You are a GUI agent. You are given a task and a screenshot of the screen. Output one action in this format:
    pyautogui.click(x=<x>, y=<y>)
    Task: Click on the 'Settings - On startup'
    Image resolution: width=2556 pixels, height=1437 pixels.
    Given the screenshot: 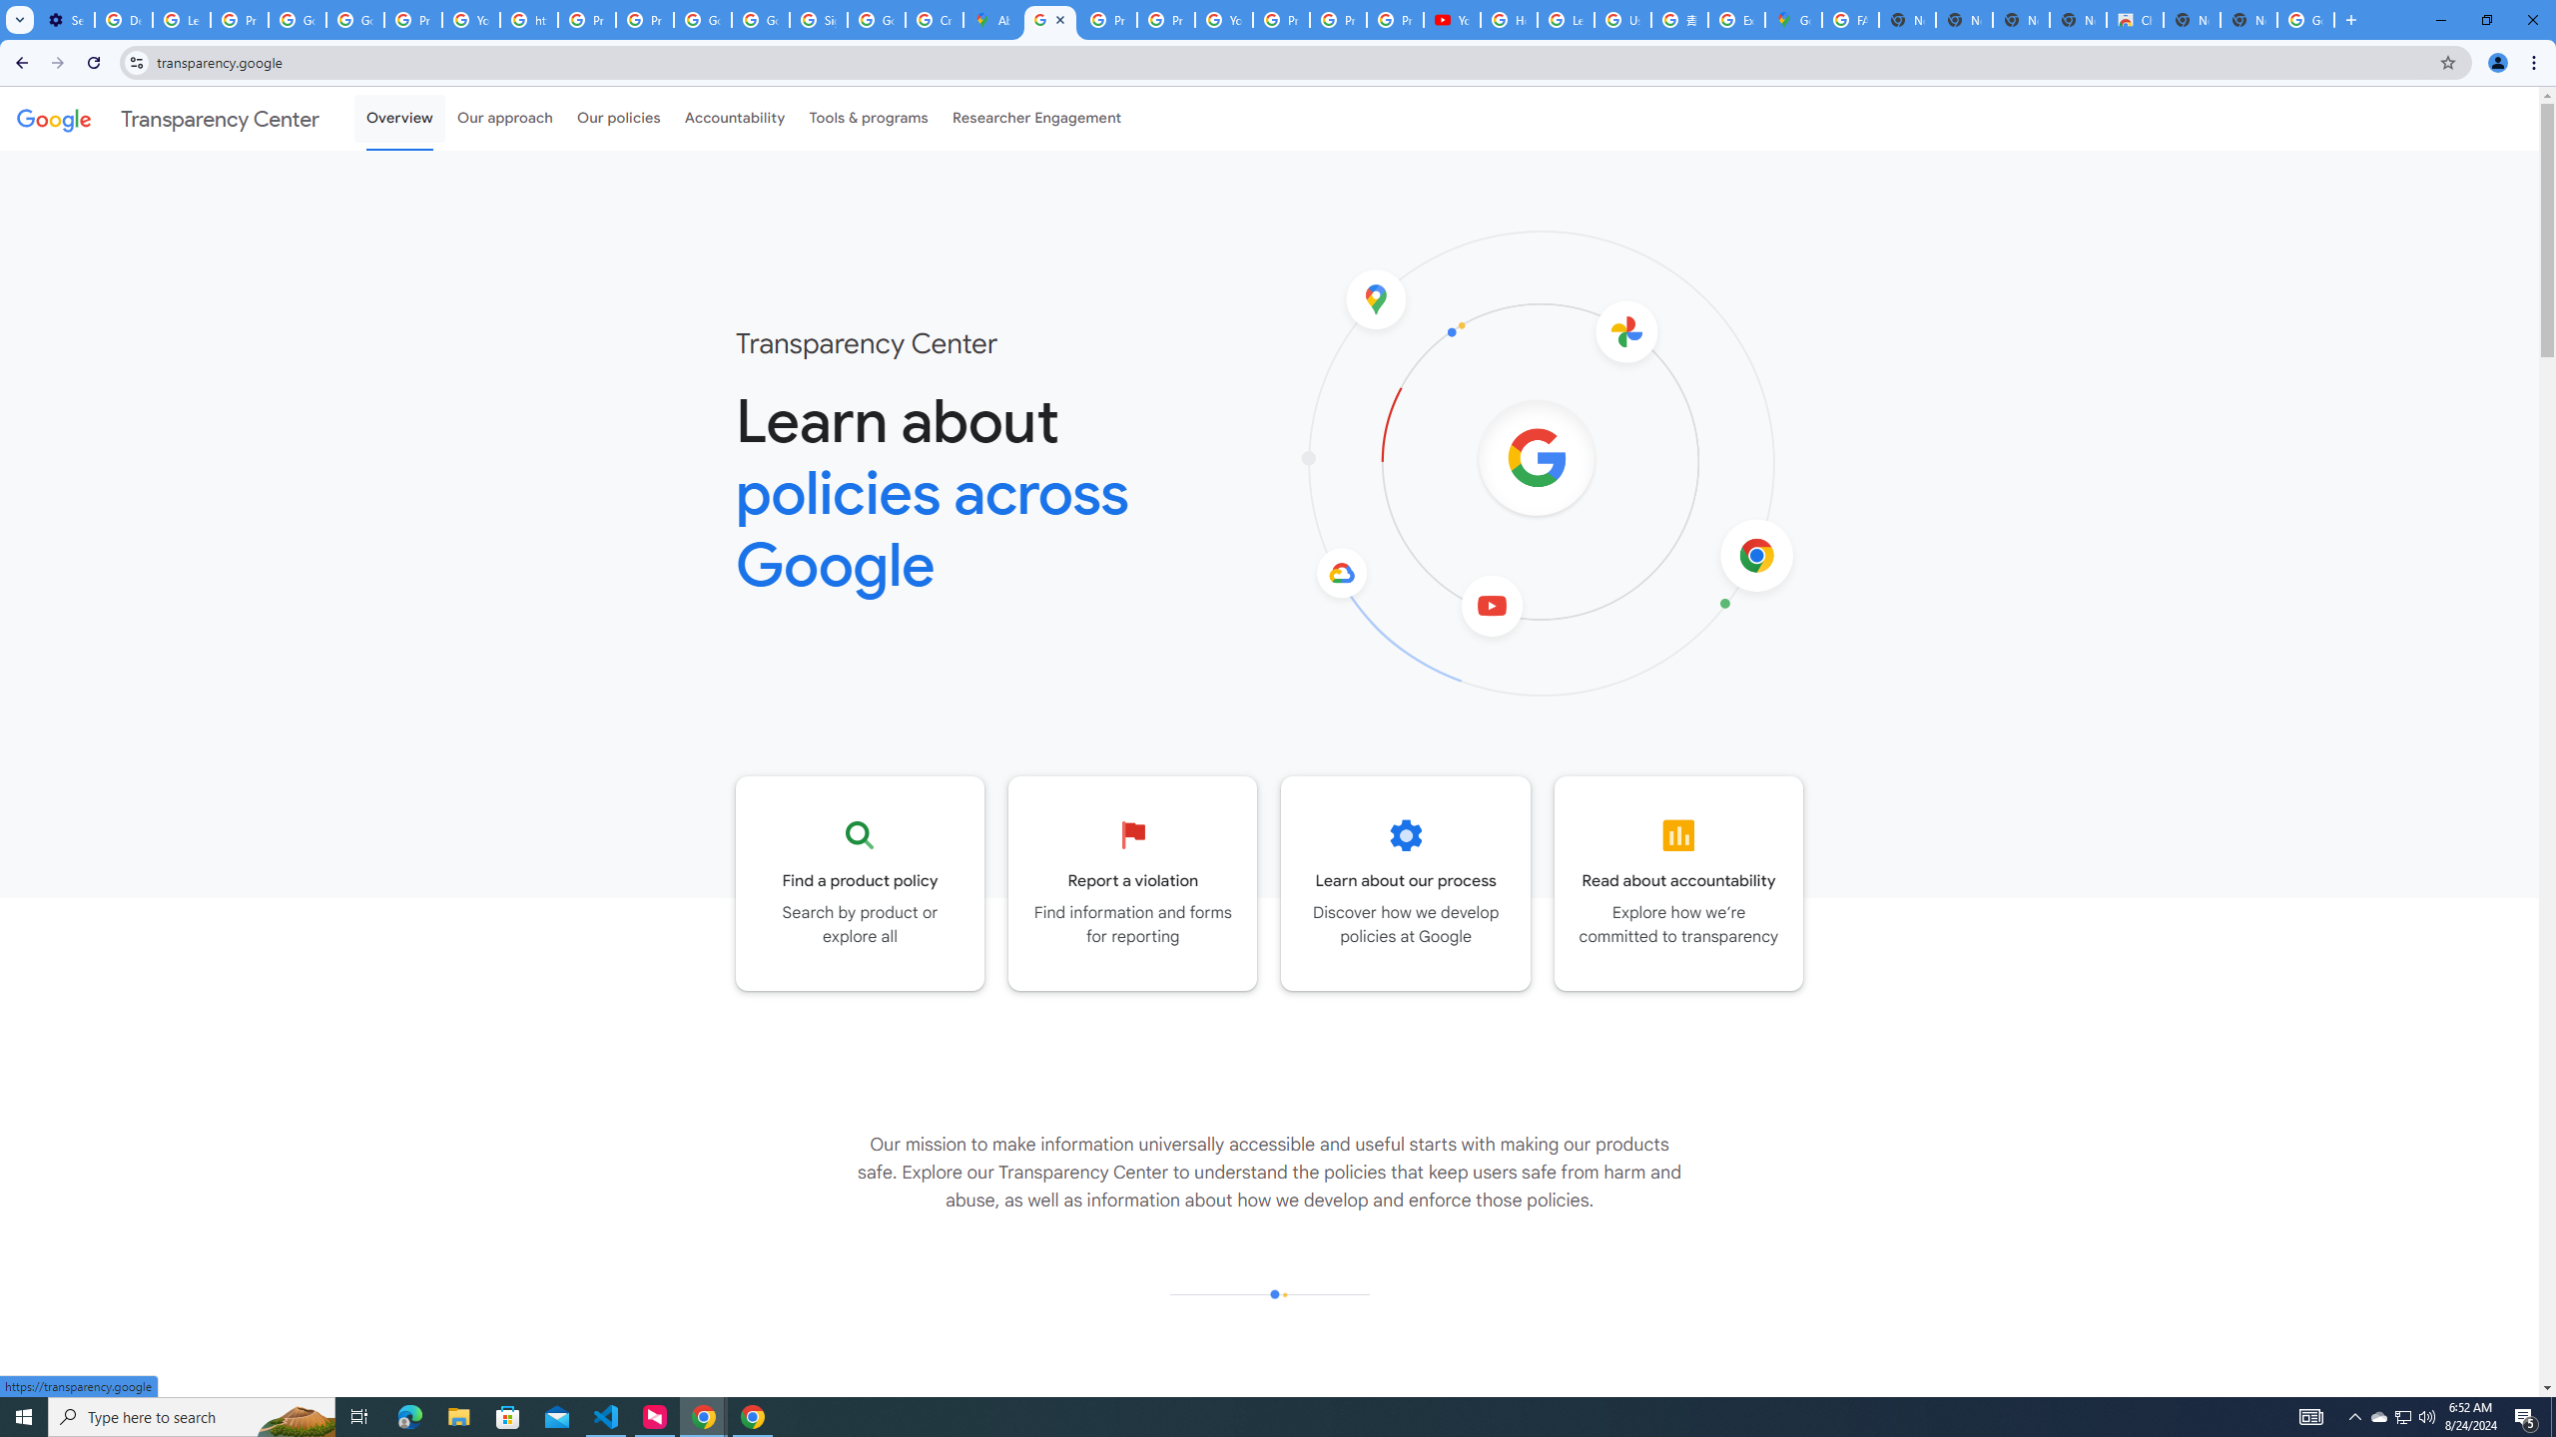 What is the action you would take?
    pyautogui.click(x=65, y=19)
    